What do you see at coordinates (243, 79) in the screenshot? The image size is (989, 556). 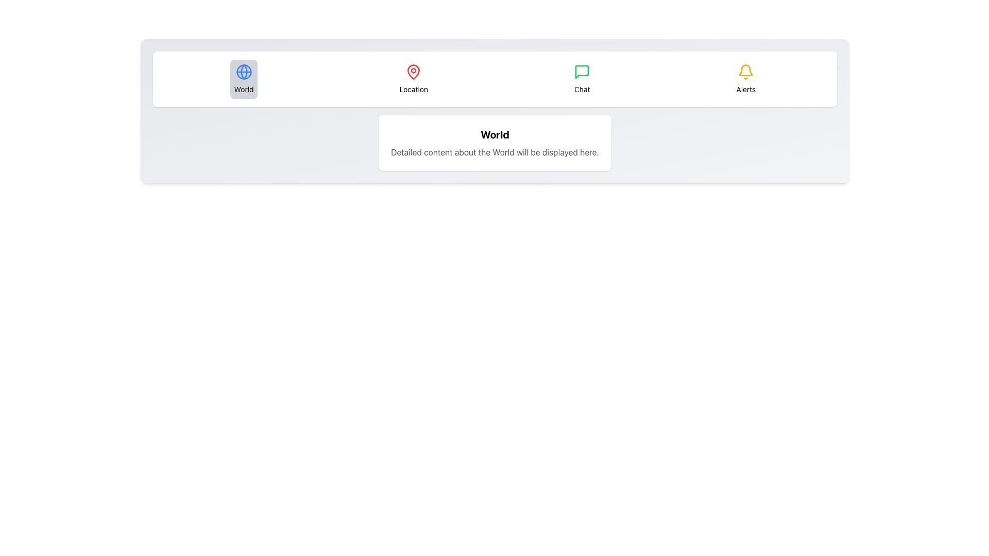 I see `the 'World' navigation button by tabbing to it` at bounding box center [243, 79].